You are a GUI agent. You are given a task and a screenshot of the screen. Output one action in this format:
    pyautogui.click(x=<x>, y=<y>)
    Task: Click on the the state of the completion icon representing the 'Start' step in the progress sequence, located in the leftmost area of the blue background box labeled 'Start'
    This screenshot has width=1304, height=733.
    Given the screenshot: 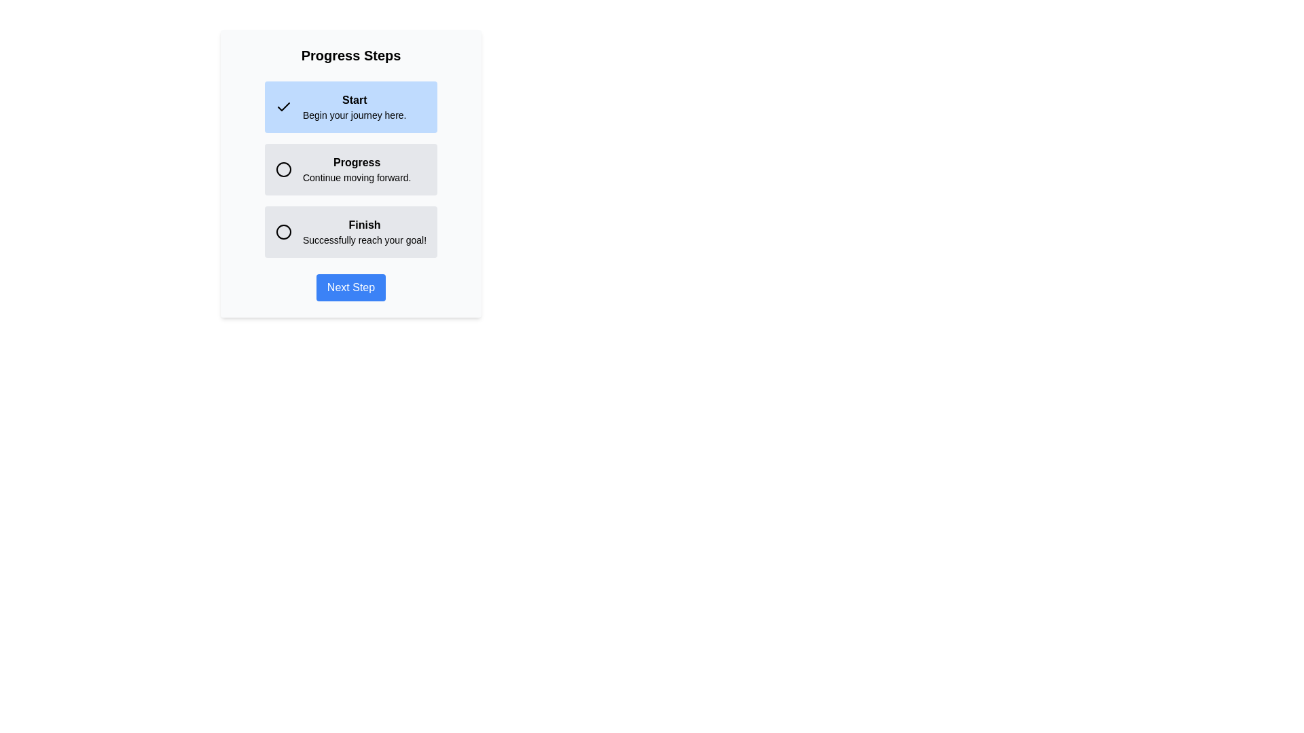 What is the action you would take?
    pyautogui.click(x=283, y=107)
    